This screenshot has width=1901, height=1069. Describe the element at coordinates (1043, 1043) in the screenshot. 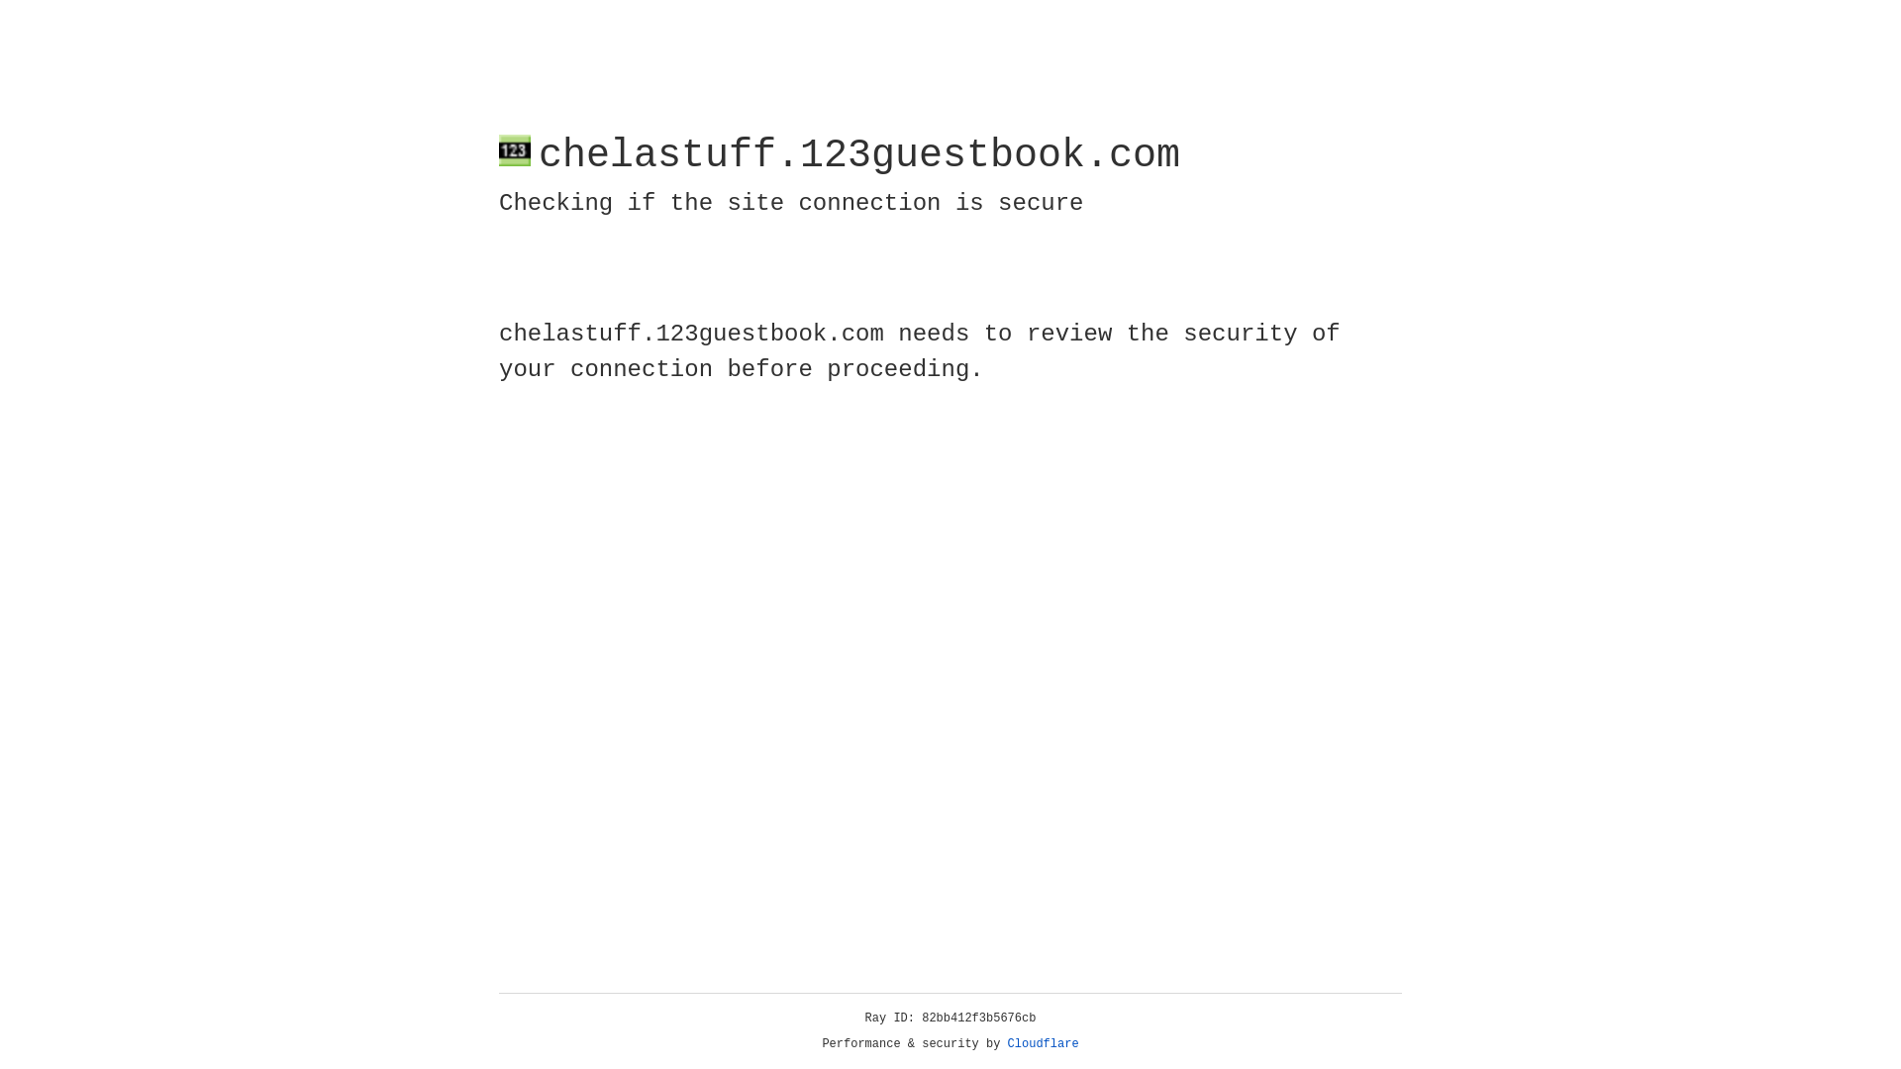

I see `'Cloudflare'` at that location.